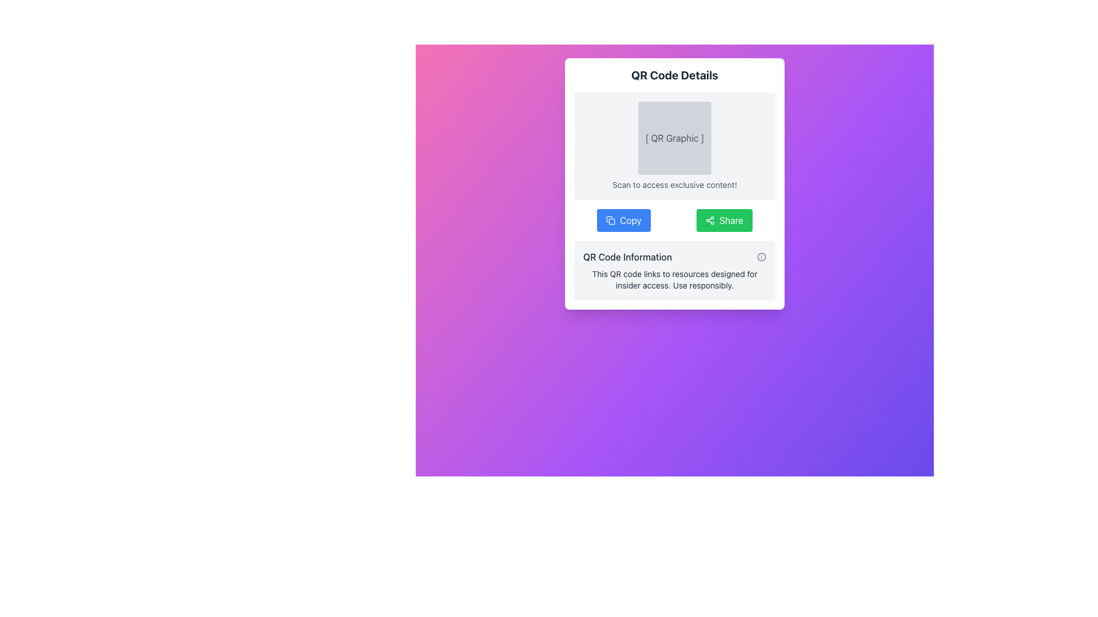 This screenshot has width=1098, height=617. I want to click on the blue 'Copy' button with white text and a copy icon located in the horizontal layout at the bottom of the card section, so click(623, 220).